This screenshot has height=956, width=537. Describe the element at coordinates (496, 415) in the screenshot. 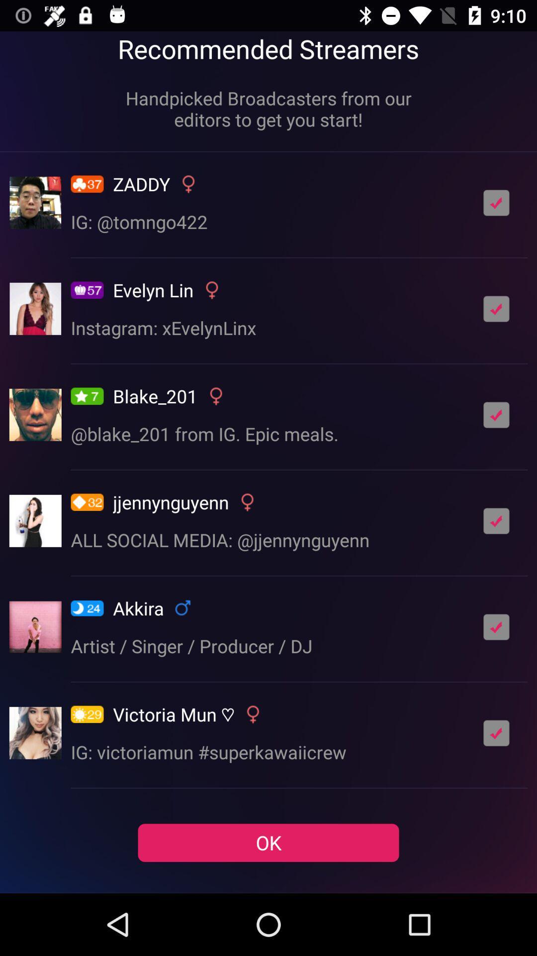

I see `recommended broadcaster` at that location.